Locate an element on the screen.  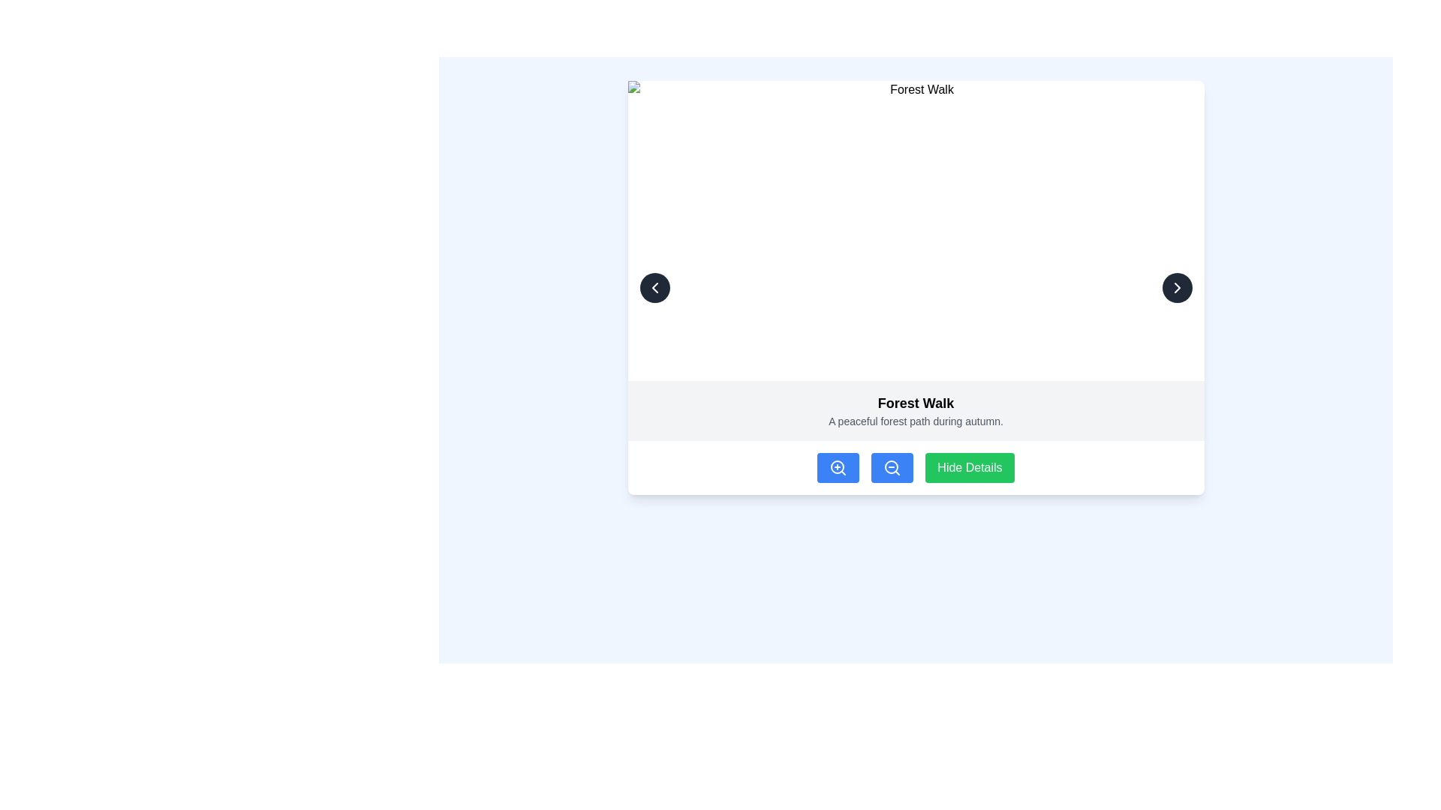
the magnifying glass icon with a minus sign, located within a blue button group under the title 'Forest Walk' is located at coordinates (892, 467).